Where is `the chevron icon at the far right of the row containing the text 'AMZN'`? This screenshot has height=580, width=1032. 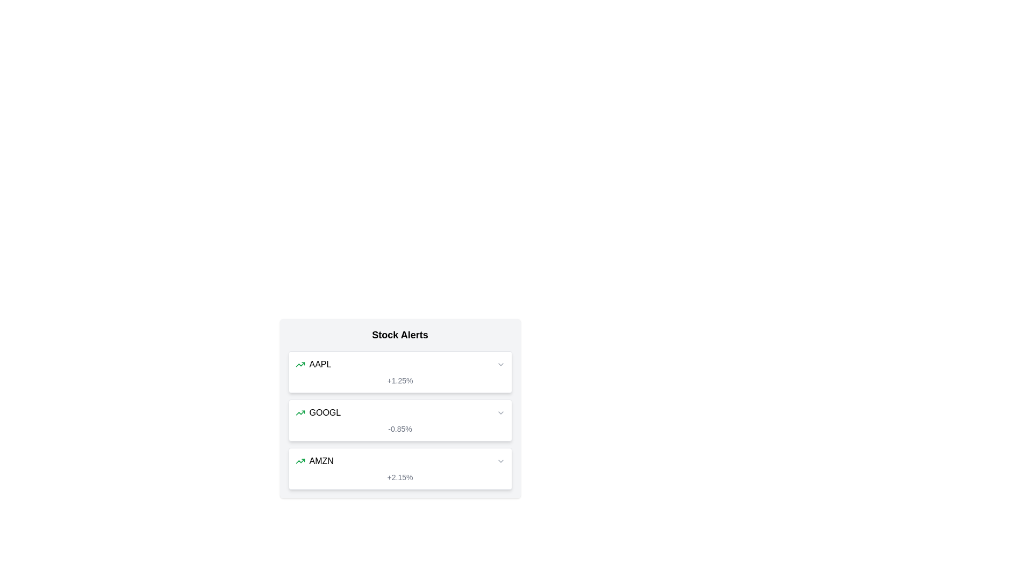 the chevron icon at the far right of the row containing the text 'AMZN' is located at coordinates (500, 461).